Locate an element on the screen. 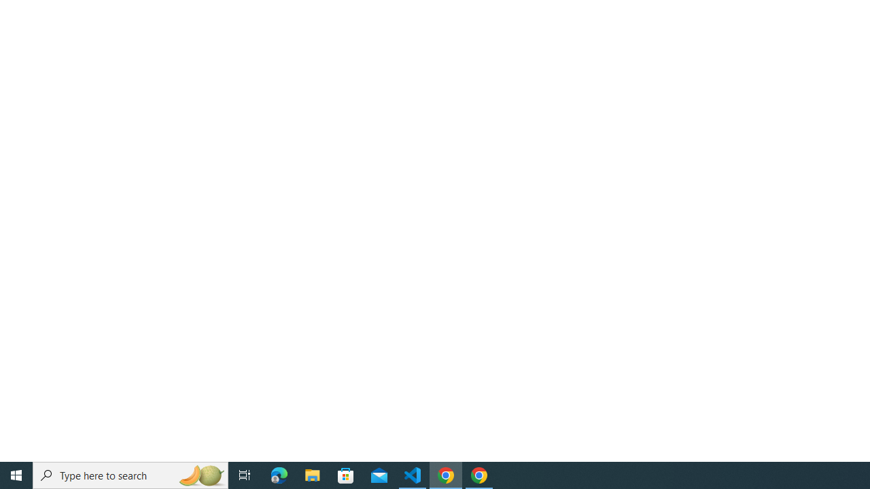 This screenshot has height=489, width=870. 'Type here to search' is located at coordinates (130, 474).